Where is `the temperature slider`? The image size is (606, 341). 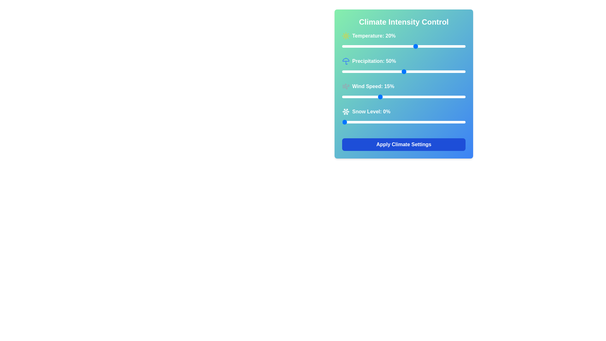 the temperature slider is located at coordinates (379, 46).